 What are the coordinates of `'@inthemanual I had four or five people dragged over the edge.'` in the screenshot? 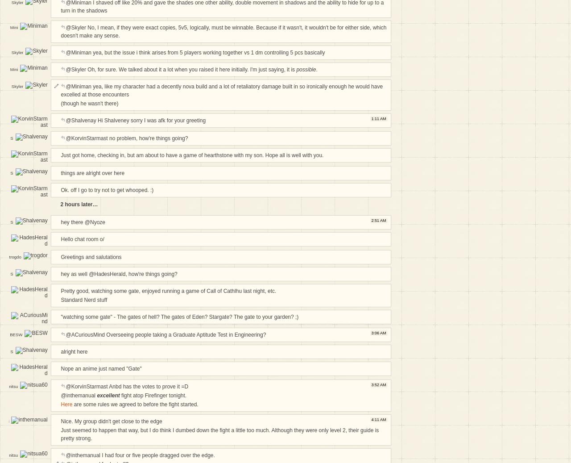 It's located at (139, 455).